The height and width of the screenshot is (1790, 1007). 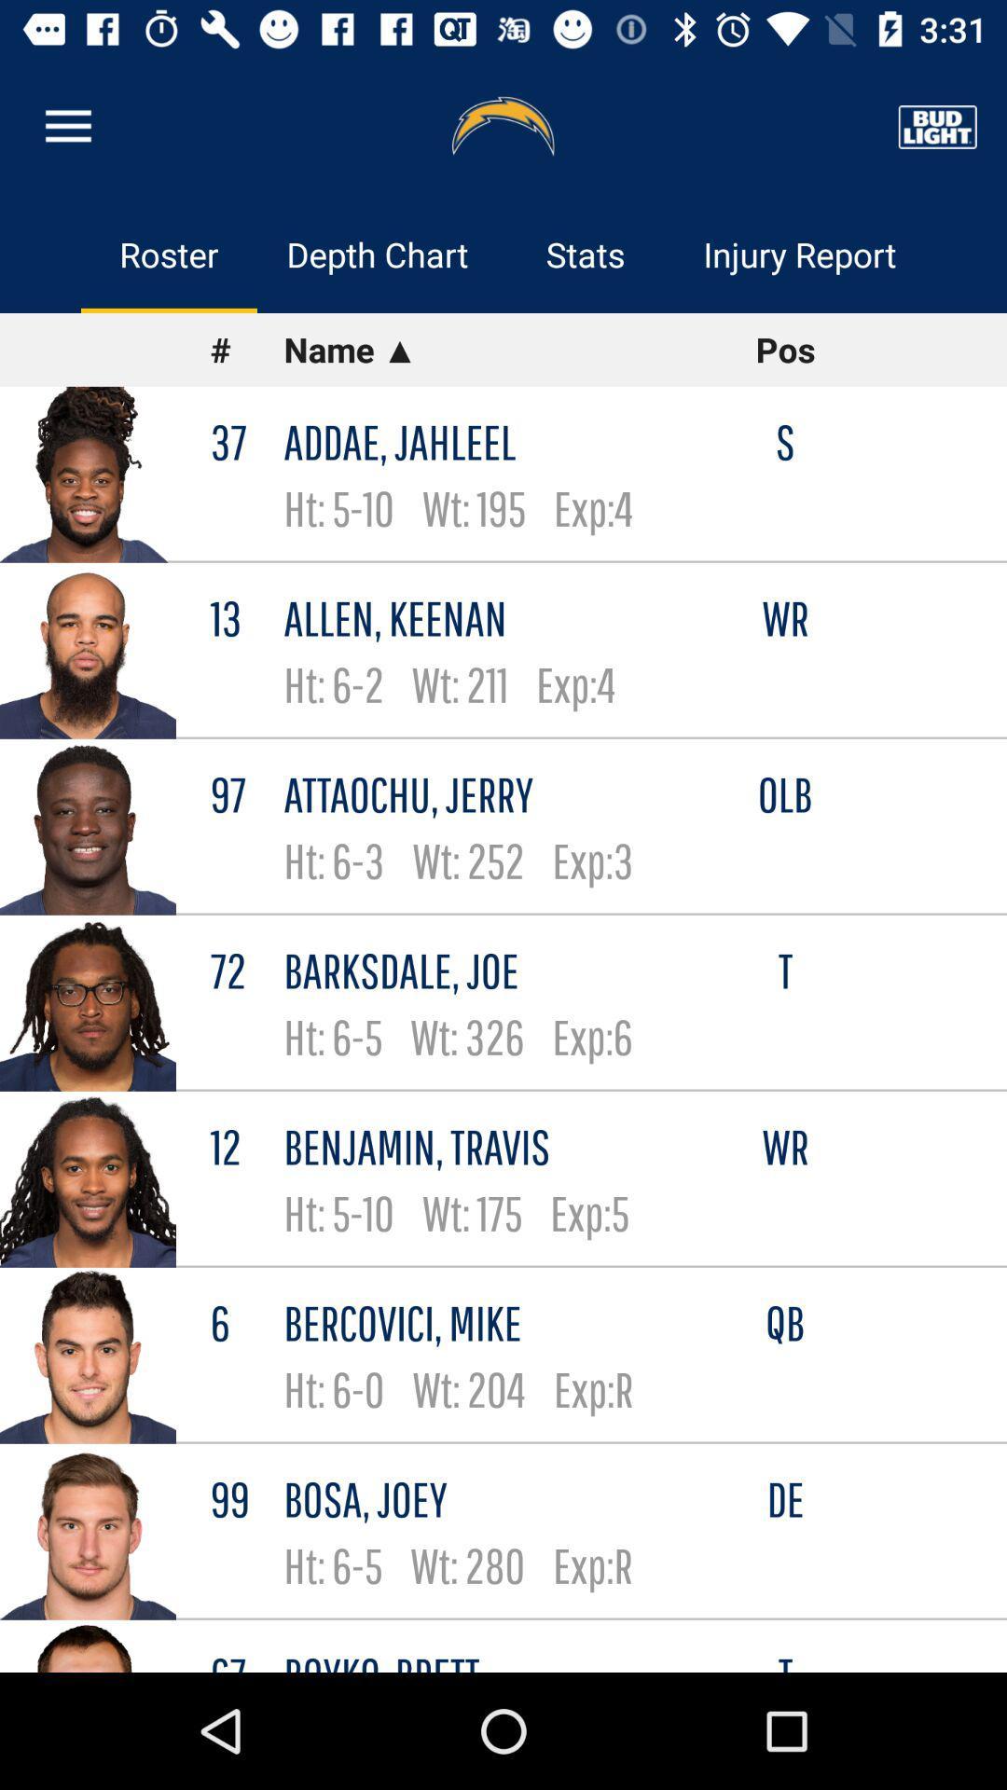 What do you see at coordinates (490, 350) in the screenshot?
I see `the item next to the # icon` at bounding box center [490, 350].